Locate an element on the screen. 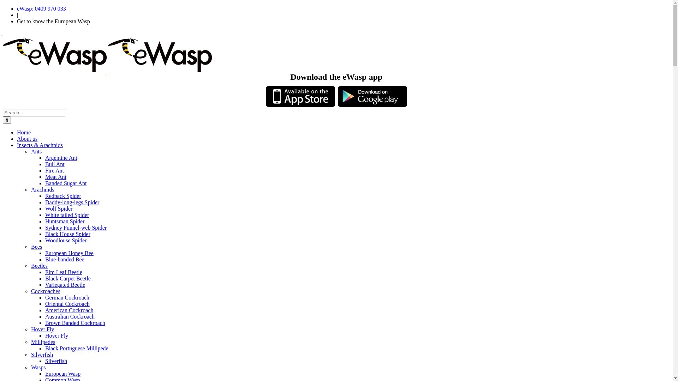 The height and width of the screenshot is (381, 678). 'European Wasp' is located at coordinates (45, 373).